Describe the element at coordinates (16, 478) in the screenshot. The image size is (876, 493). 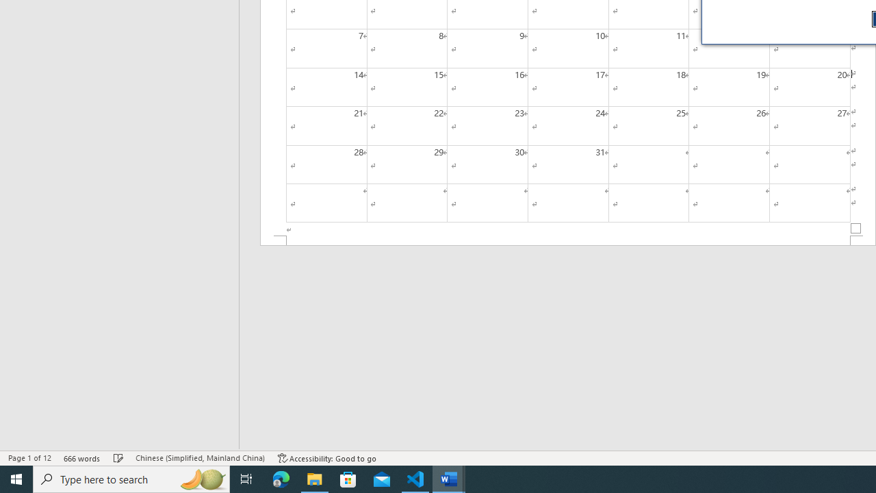
I see `'Start'` at that location.